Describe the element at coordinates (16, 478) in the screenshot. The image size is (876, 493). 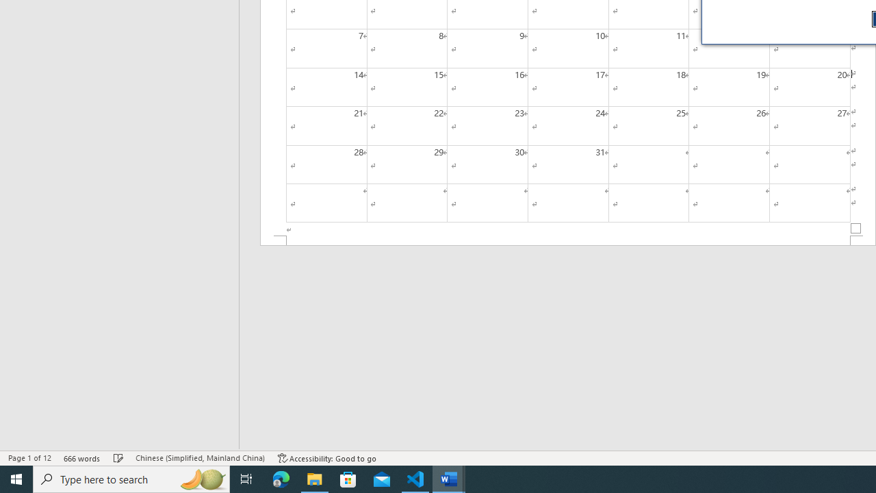
I see `'Start'` at that location.